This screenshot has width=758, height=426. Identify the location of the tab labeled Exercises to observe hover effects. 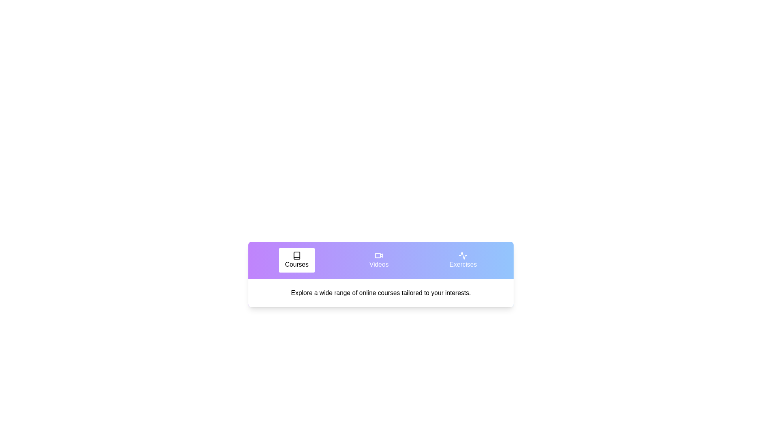
(463, 260).